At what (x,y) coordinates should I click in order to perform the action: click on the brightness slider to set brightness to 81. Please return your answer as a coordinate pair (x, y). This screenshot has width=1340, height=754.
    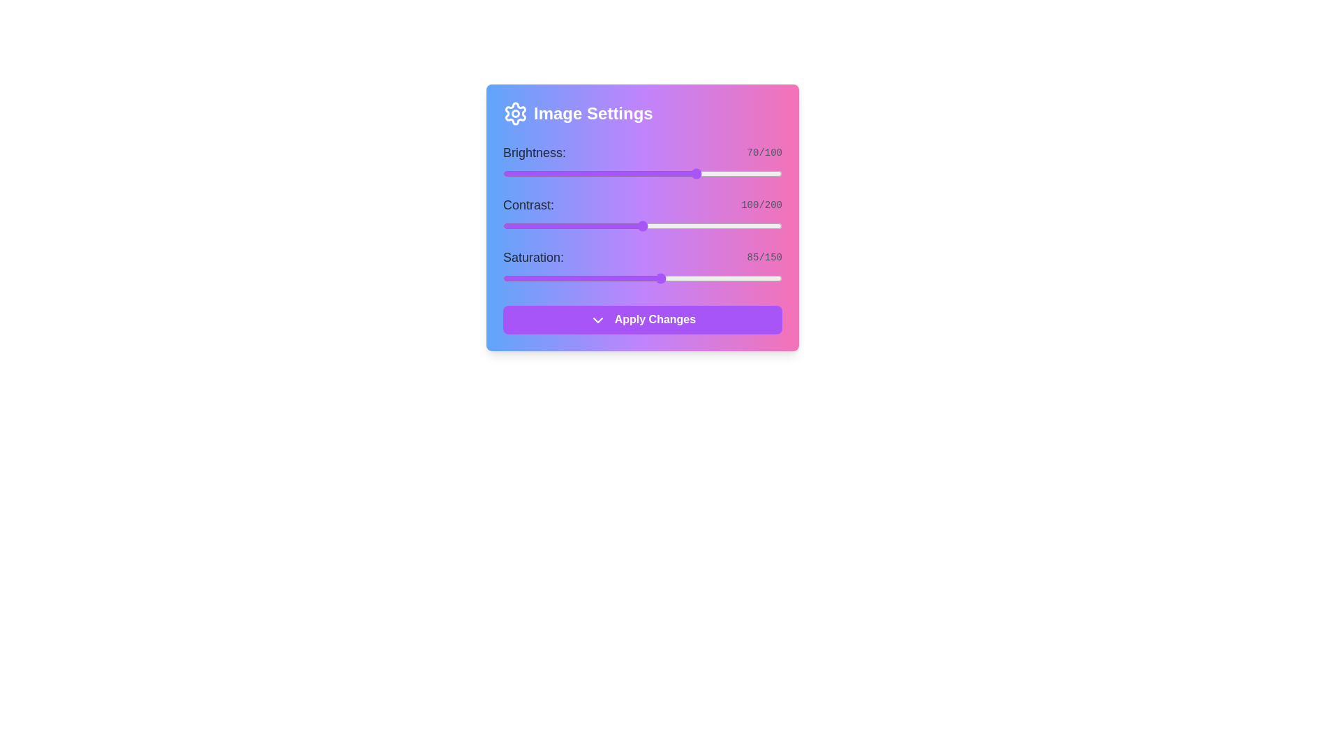
    Looking at the image, I should click on (729, 173).